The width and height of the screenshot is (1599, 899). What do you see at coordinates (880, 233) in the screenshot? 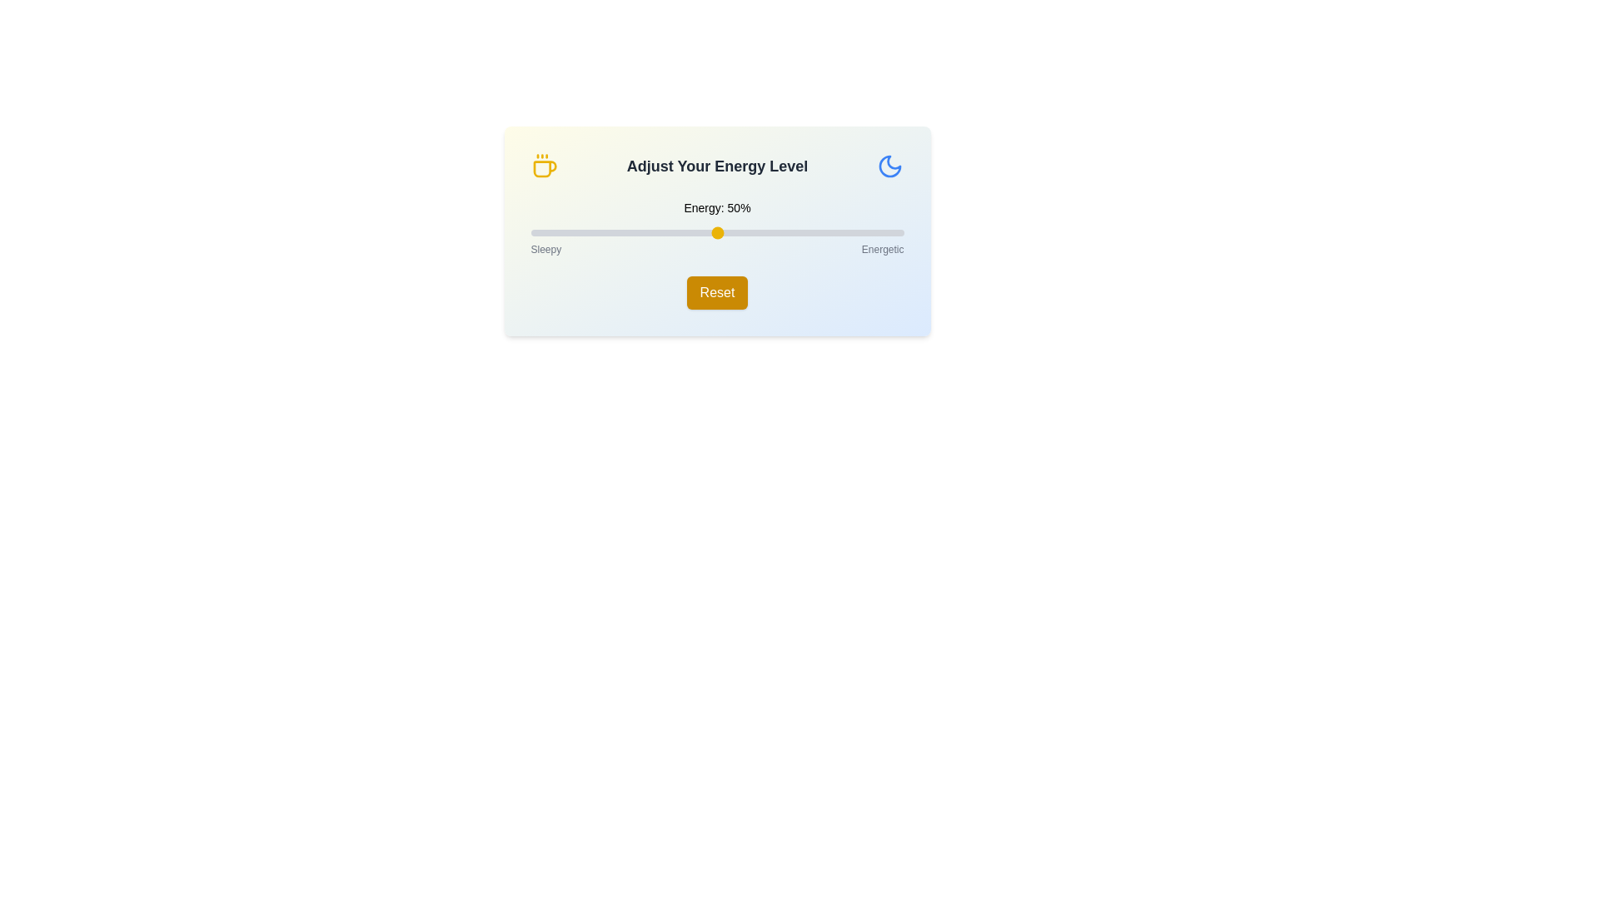
I see `the energy level slider to 94%` at bounding box center [880, 233].